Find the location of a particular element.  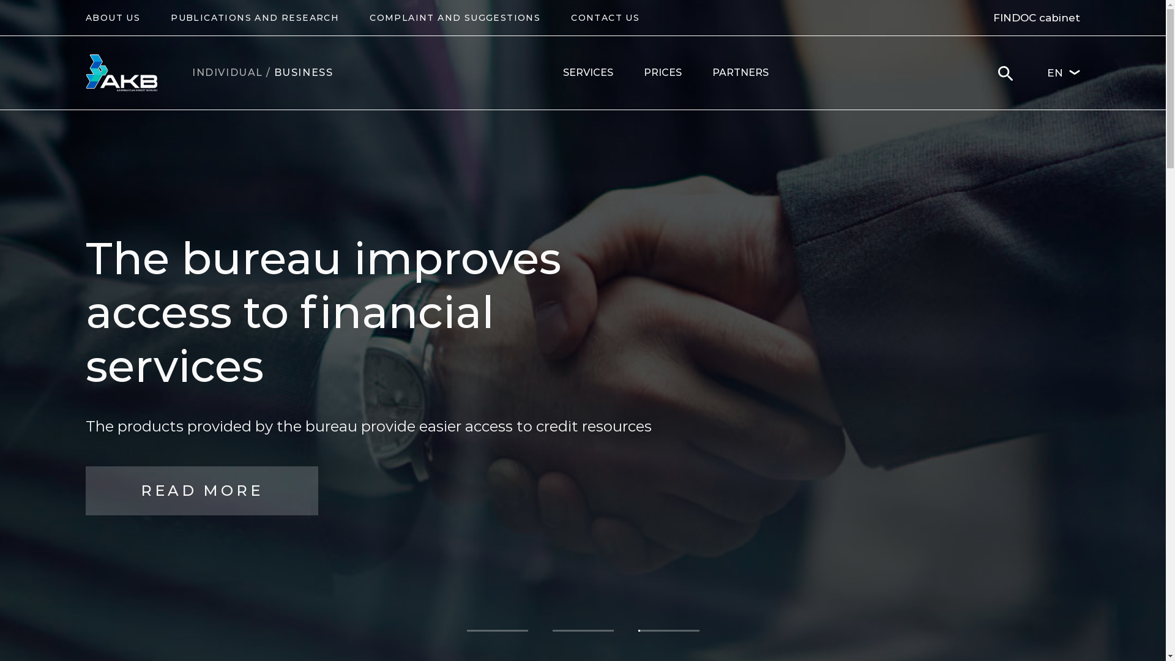

'PUBLICATIONS AND RESEARCH' is located at coordinates (254, 17).